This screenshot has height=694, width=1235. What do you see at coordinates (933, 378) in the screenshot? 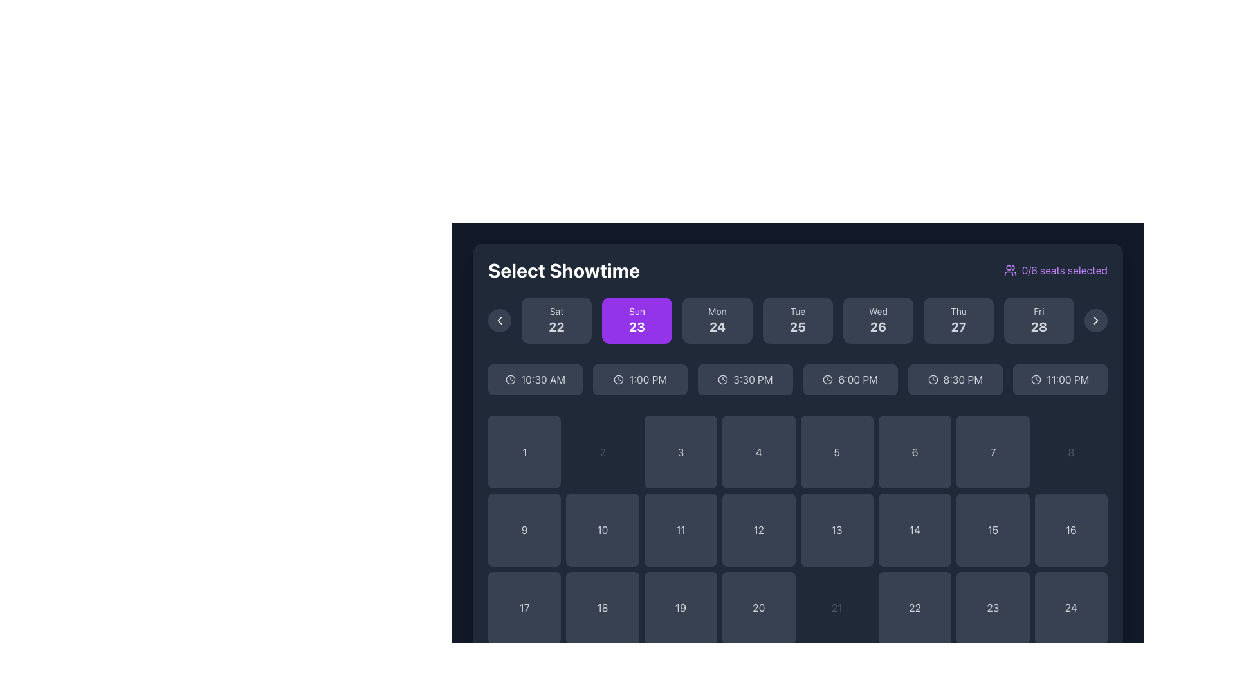
I see `the filled circular SVG element representing the time slot '8:30 PM' on Thursday, 27th, located on the right-hand side of the interface` at bounding box center [933, 378].